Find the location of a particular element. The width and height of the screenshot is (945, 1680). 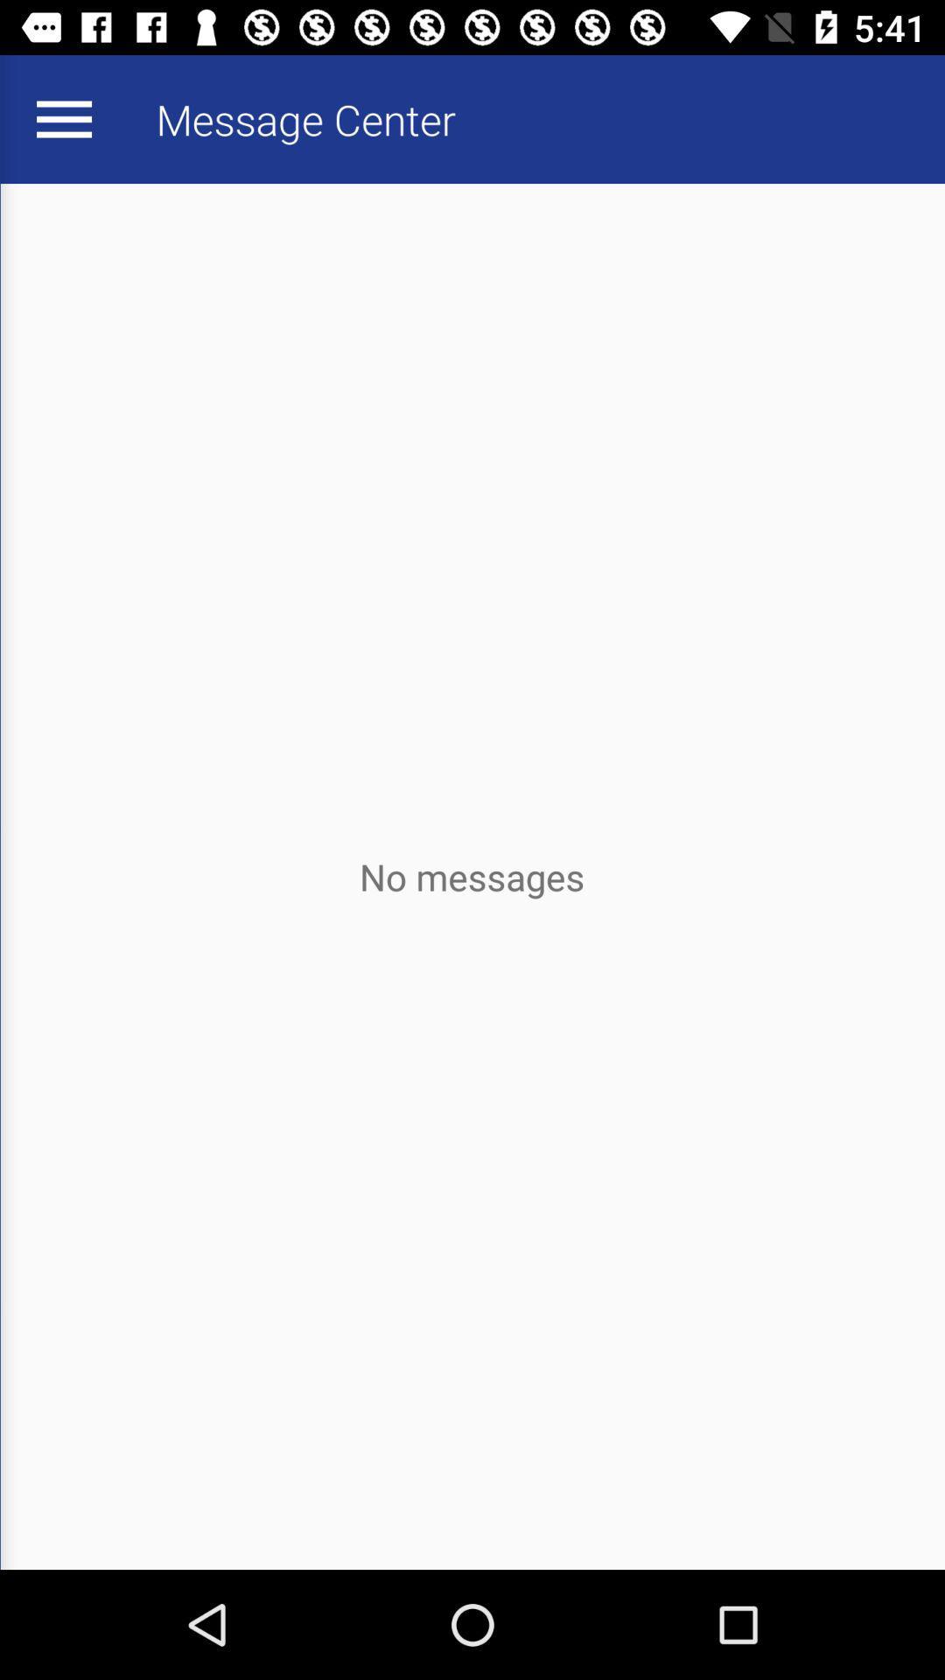

access apps manue is located at coordinates (63, 118).